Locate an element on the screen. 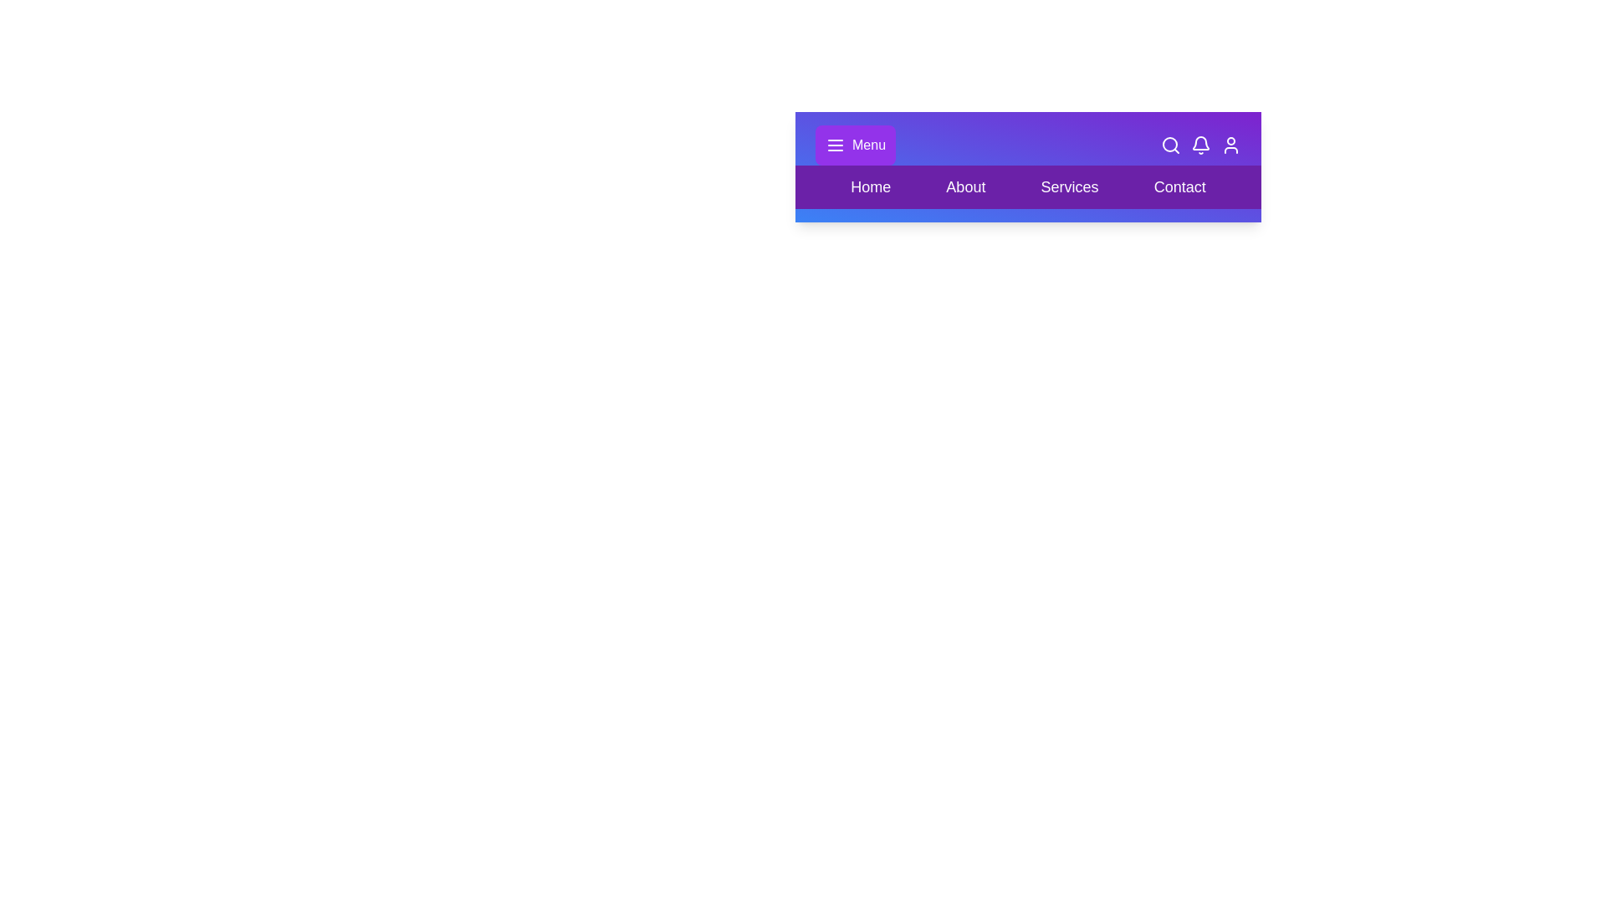 The image size is (1606, 903). the section labeled Contact in the layout is located at coordinates (1179, 186).